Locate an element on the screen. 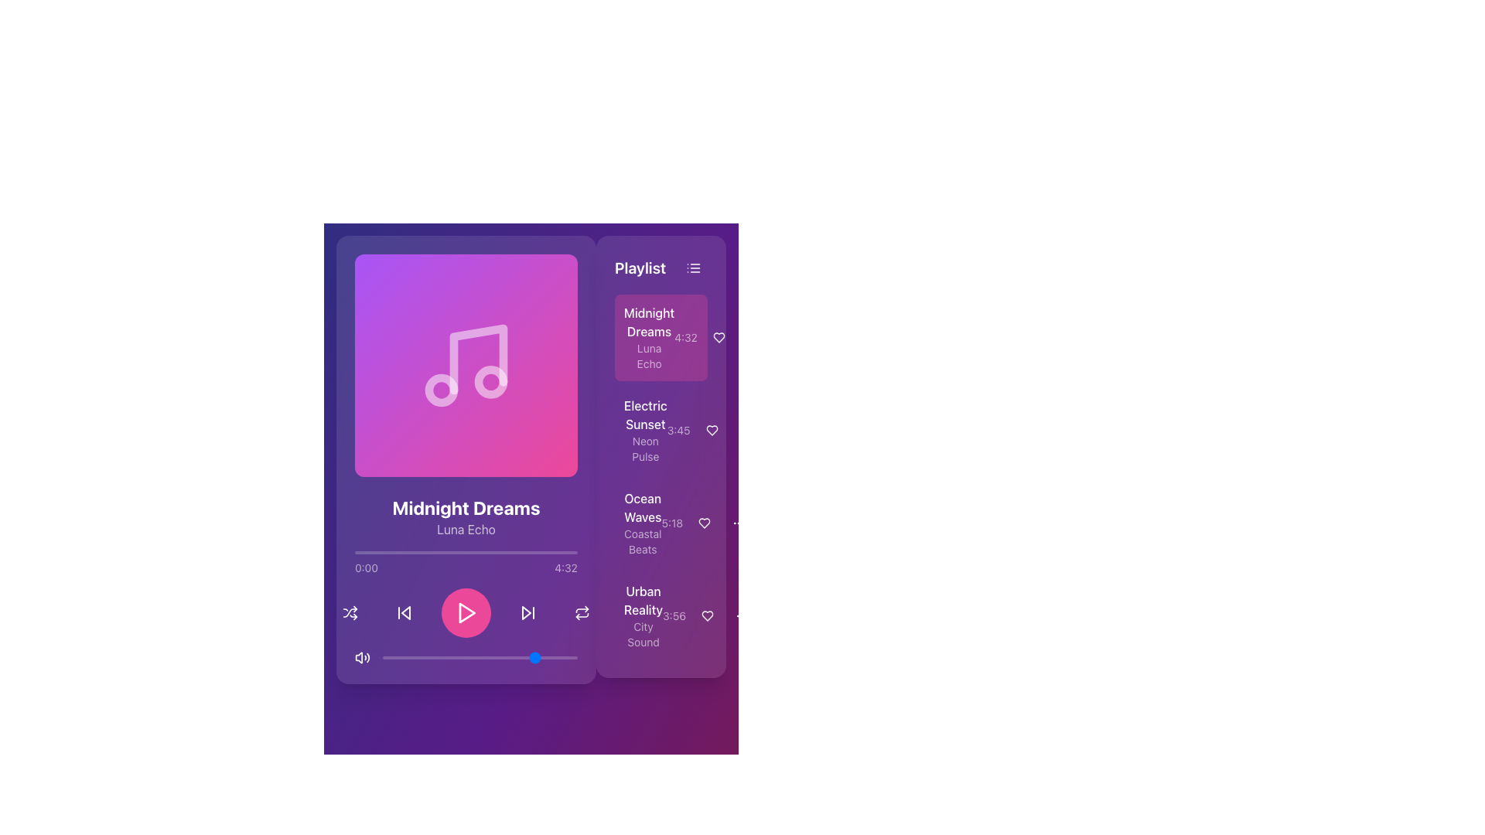 Image resolution: width=1485 pixels, height=835 pixels. the icon button located next to the 'Ocean Waves' track in the playlist panel to like or unlike the track is located at coordinates (704, 523).